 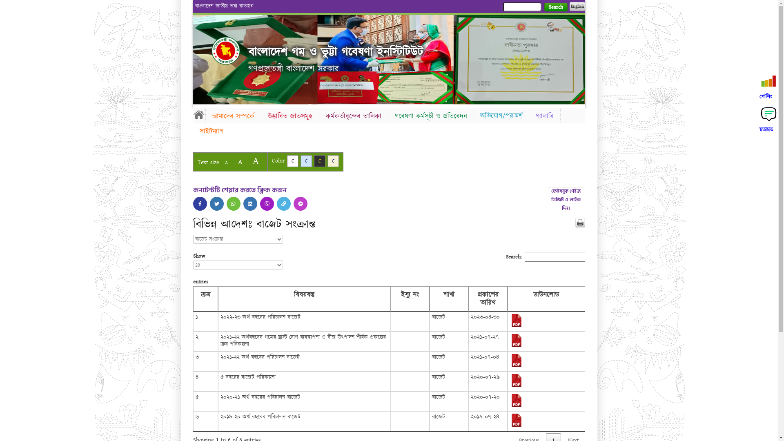 What do you see at coordinates (233, 162) in the screenshot?
I see `'A'` at bounding box center [233, 162].